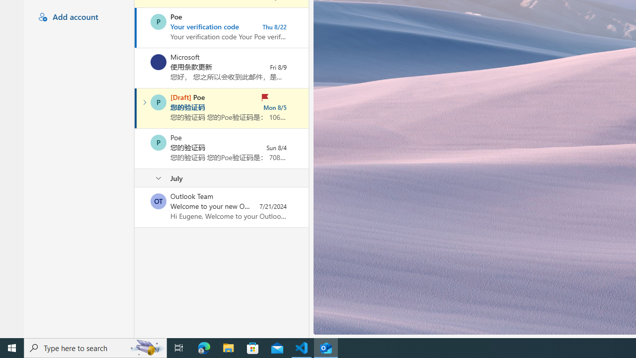 The width and height of the screenshot is (636, 358). I want to click on 'Expand conversation', so click(144, 102).